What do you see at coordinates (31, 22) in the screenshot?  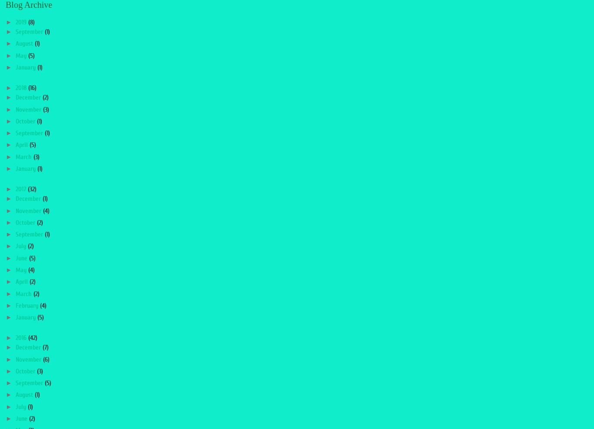 I see `'(8)'` at bounding box center [31, 22].